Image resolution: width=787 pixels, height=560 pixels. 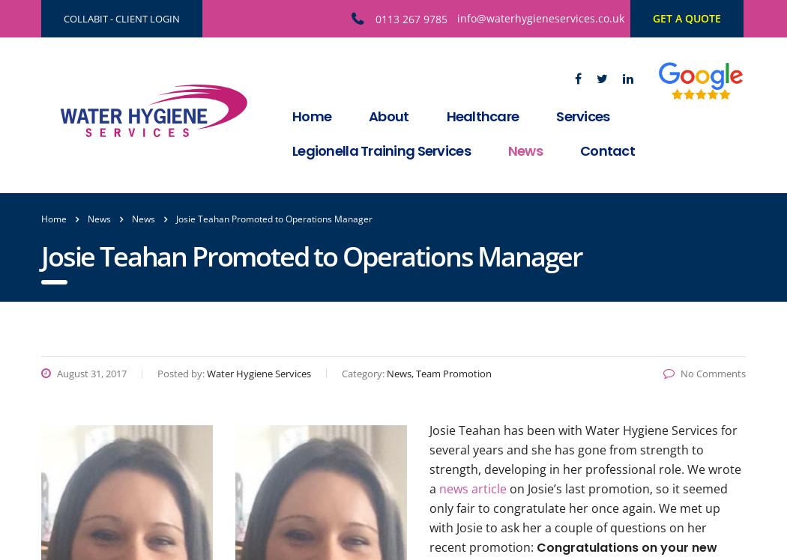 What do you see at coordinates (578, 517) in the screenshot?
I see `'on Josie’s last promotion, so it seemed only fair to congratulate her once again.
We met up with Josie to ask her a couple of questions on her recent promotion:'` at bounding box center [578, 517].